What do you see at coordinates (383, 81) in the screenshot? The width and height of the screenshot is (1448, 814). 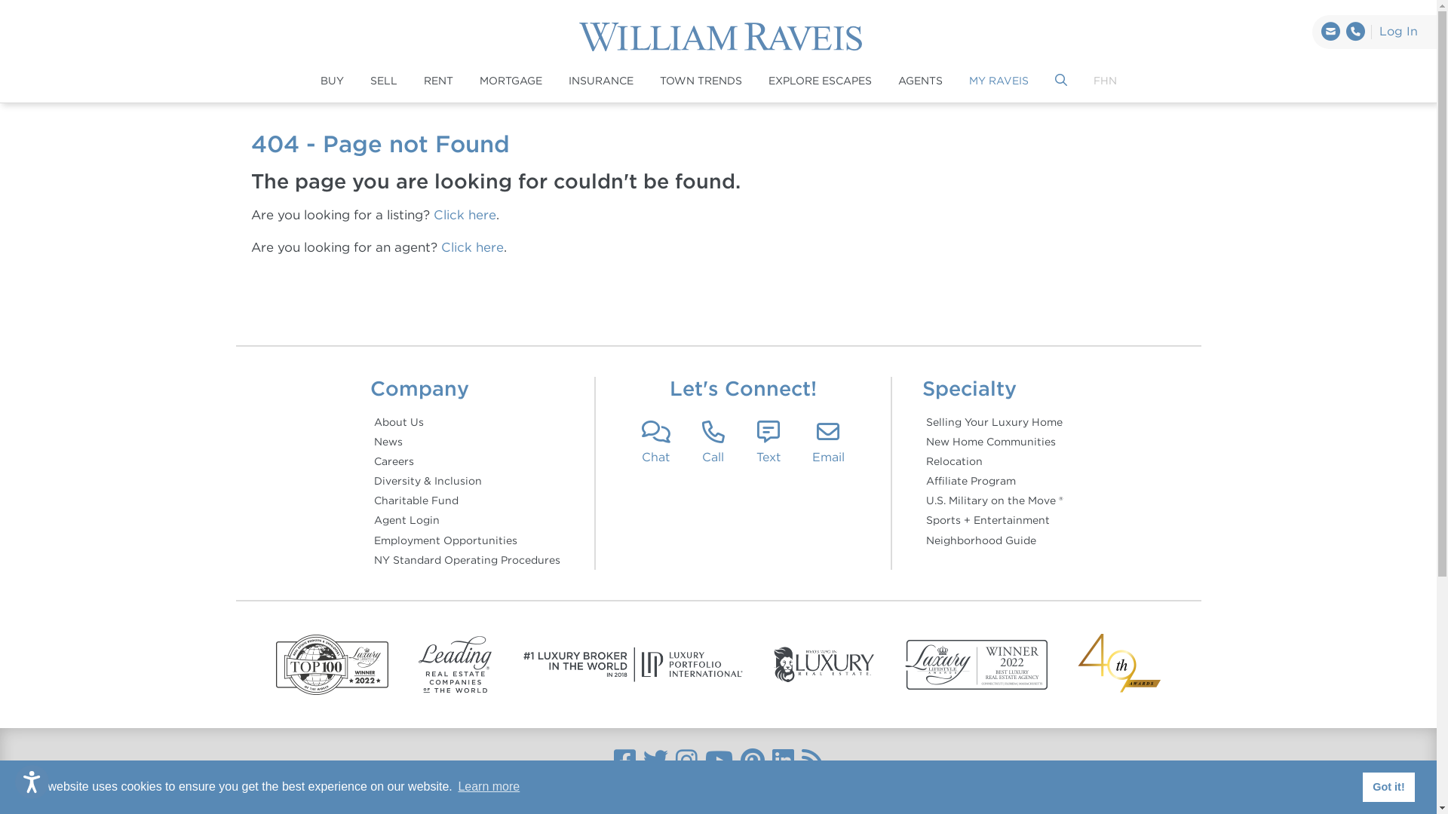 I see `'SELL'` at bounding box center [383, 81].